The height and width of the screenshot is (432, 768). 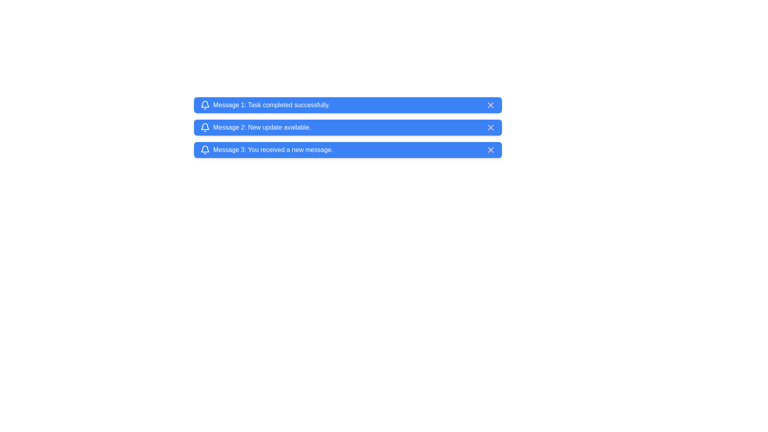 What do you see at coordinates (205, 104) in the screenshot?
I see `the lower portion of the SVG bell icon to associate with the notification item indicating 'Message 1: Task completed successfully.'` at bounding box center [205, 104].